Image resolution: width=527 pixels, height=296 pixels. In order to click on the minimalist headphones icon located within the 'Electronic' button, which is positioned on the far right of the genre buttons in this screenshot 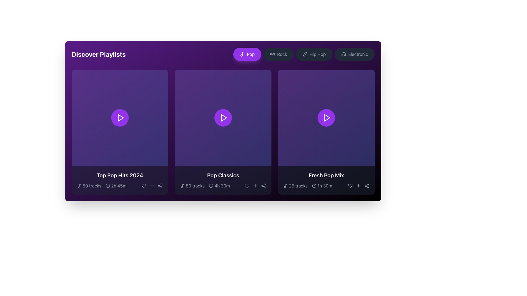, I will do `click(343, 54)`.